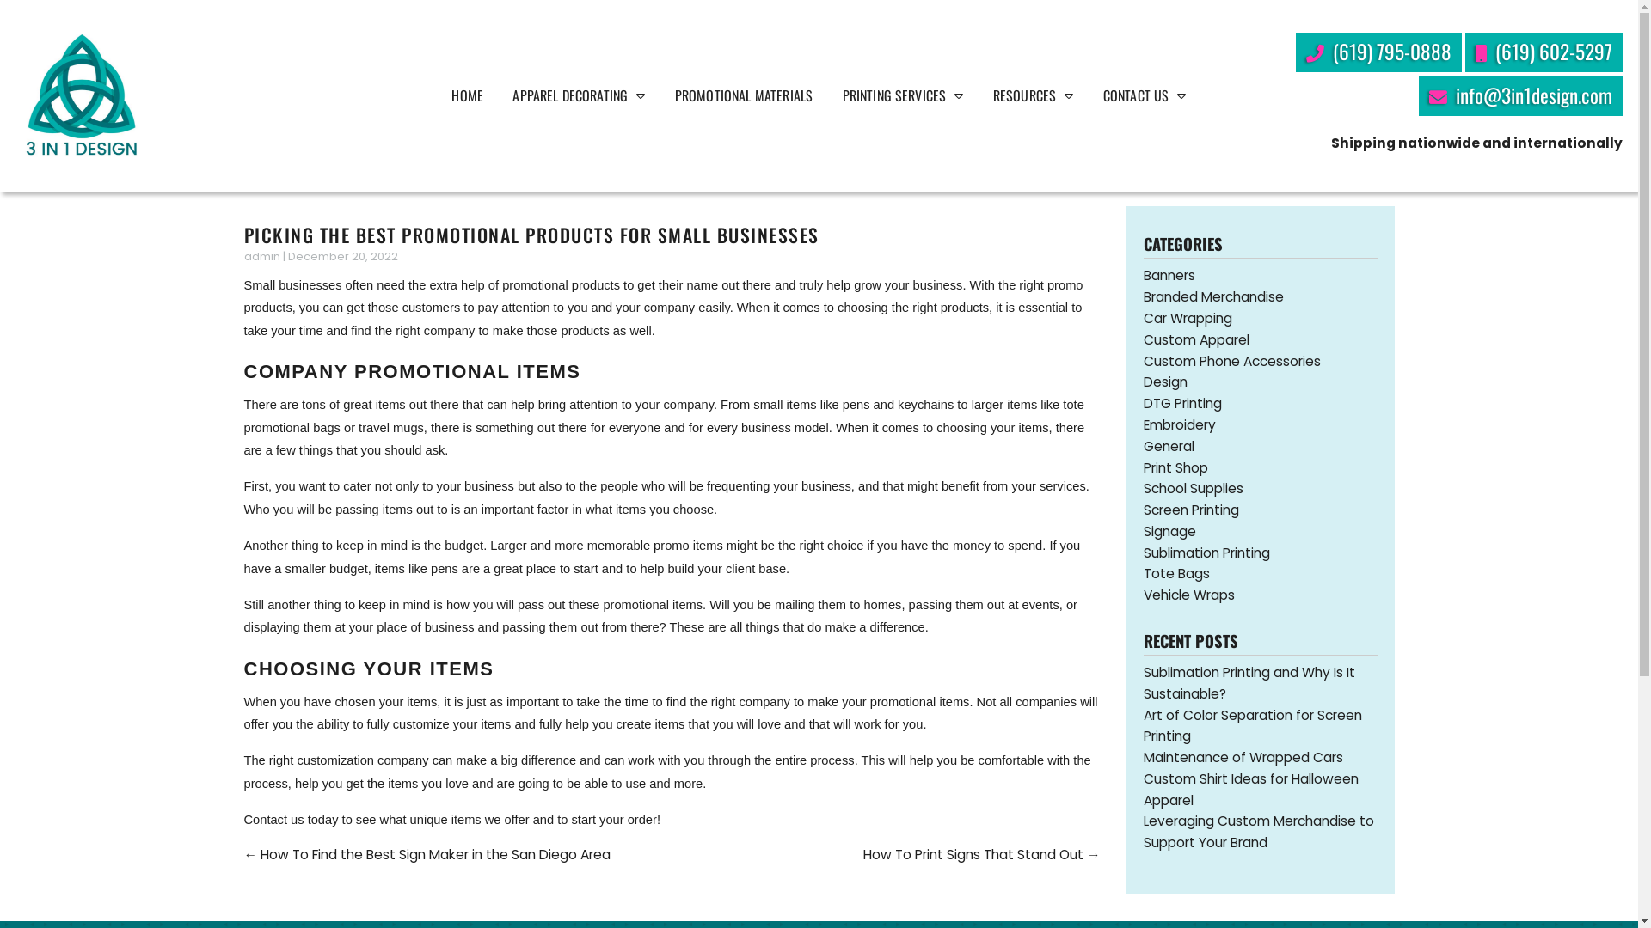  Describe the element at coordinates (467, 95) in the screenshot. I see `'HOME'` at that location.